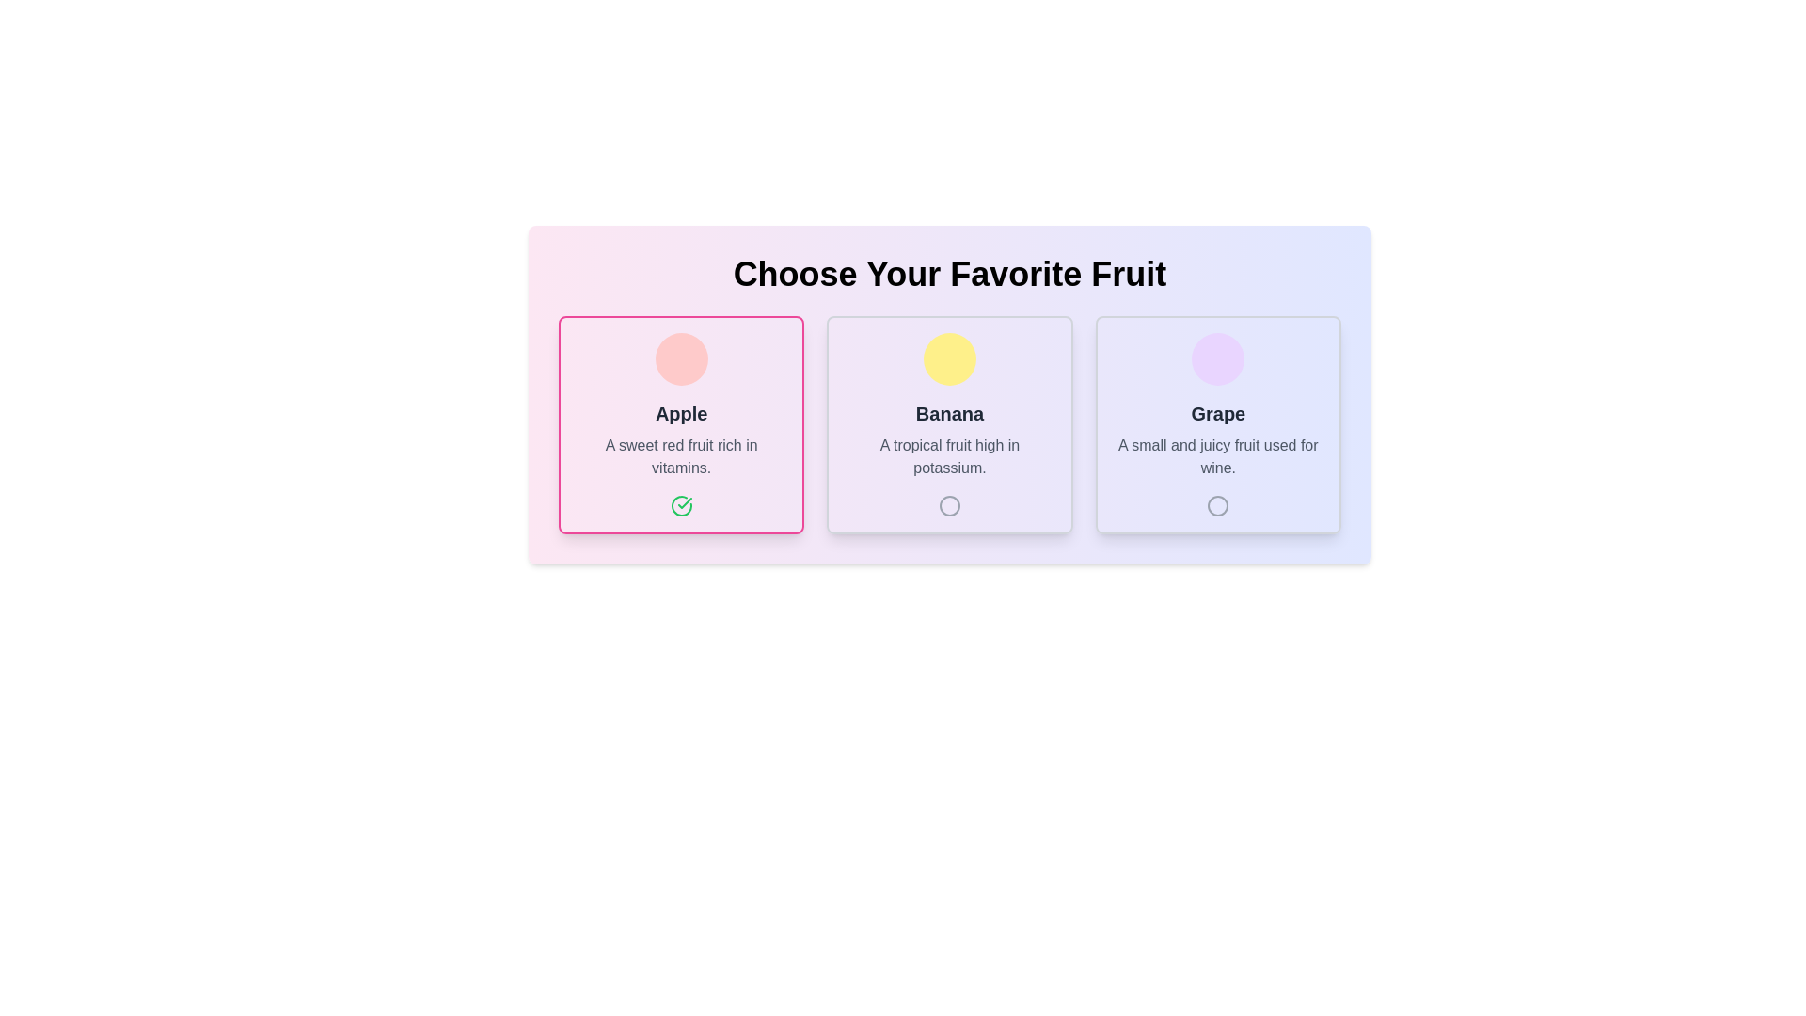  What do you see at coordinates (684, 502) in the screenshot?
I see `the visual indicator icon confirming the selection of the 'Apple' option, which is centrally positioned within the selection box of the 'Apple' choice card` at bounding box center [684, 502].